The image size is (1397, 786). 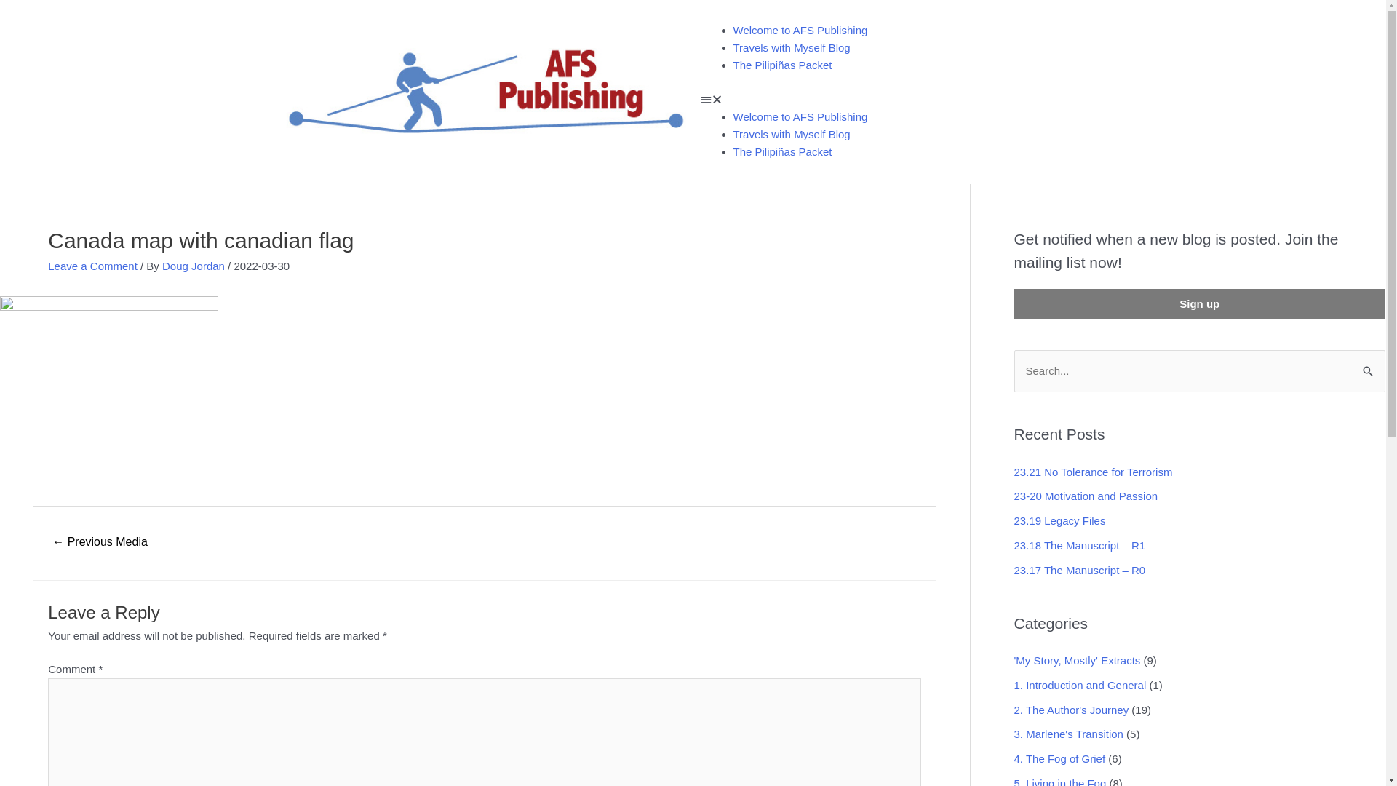 What do you see at coordinates (1080, 685) in the screenshot?
I see `'1. Introduction and General'` at bounding box center [1080, 685].